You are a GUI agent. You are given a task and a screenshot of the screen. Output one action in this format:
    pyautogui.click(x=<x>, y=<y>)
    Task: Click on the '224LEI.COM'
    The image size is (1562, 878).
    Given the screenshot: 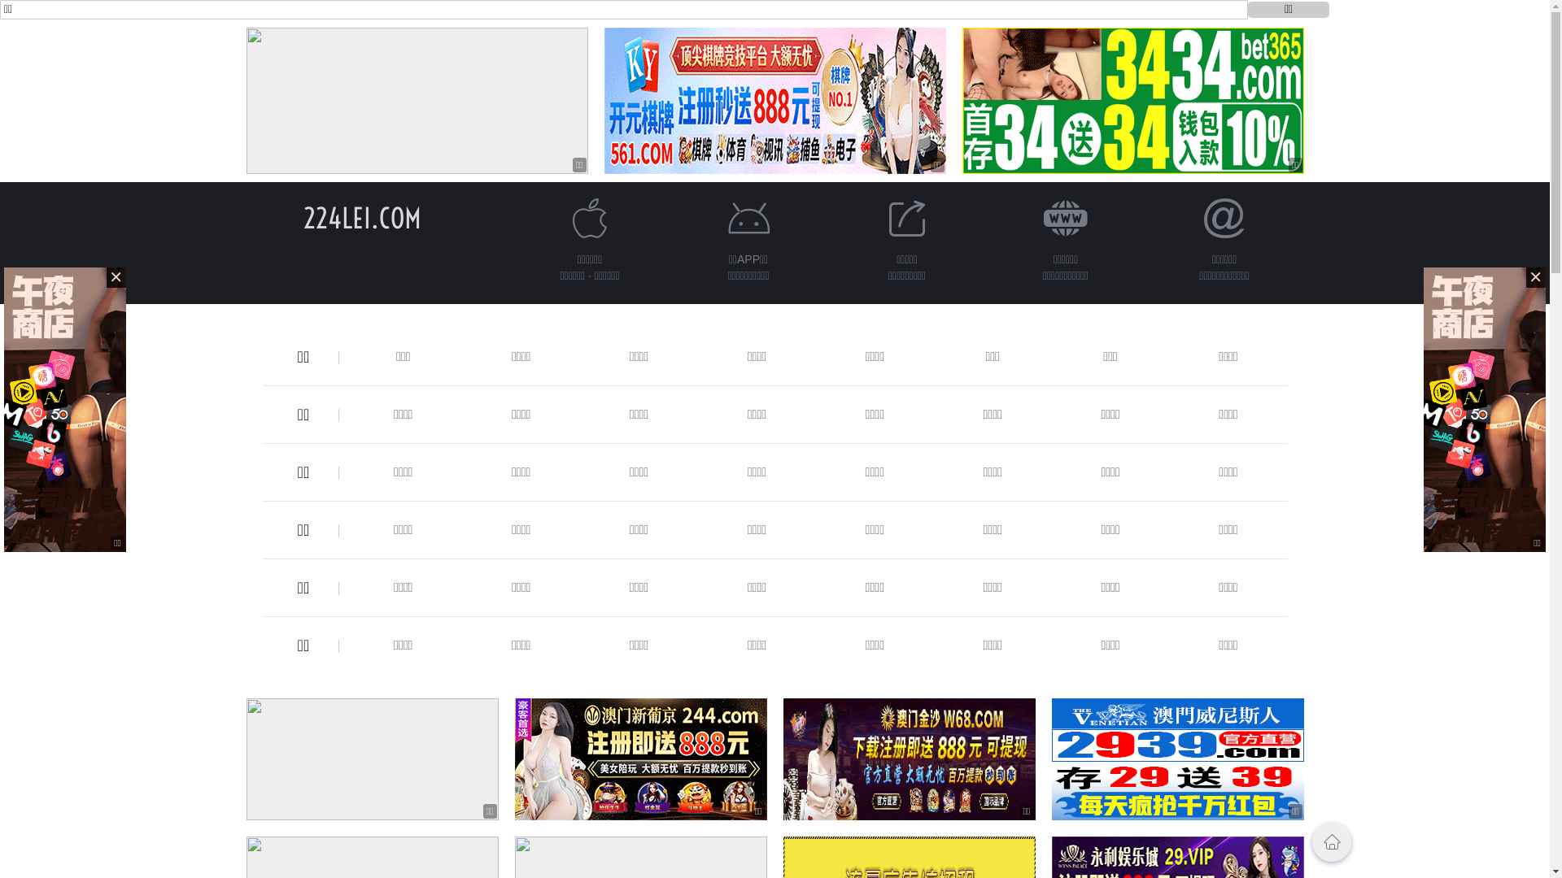 What is the action you would take?
    pyautogui.click(x=303, y=217)
    